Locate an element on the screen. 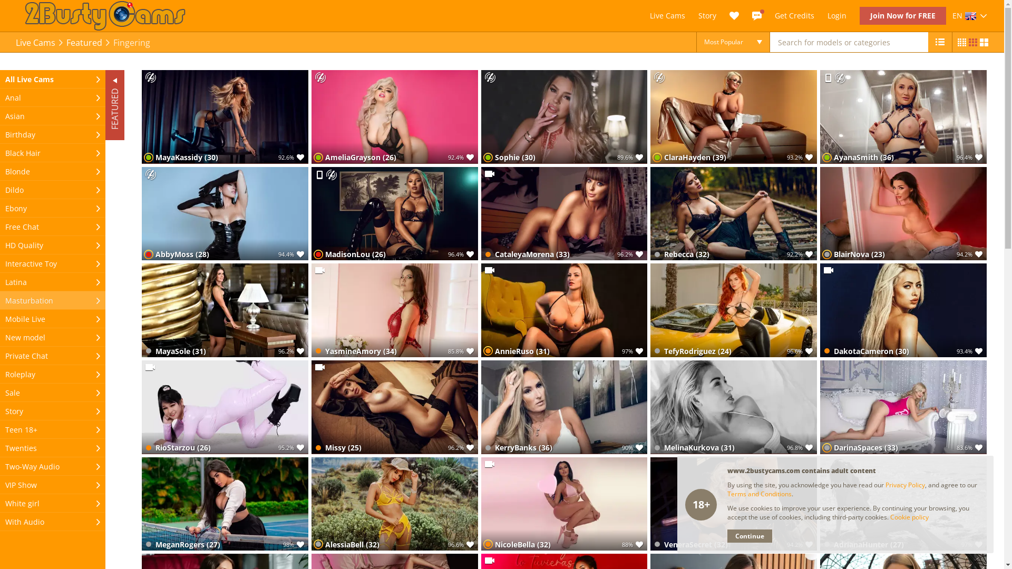 The image size is (1012, 569). 'TefyRodriguez (24) is located at coordinates (733, 310).